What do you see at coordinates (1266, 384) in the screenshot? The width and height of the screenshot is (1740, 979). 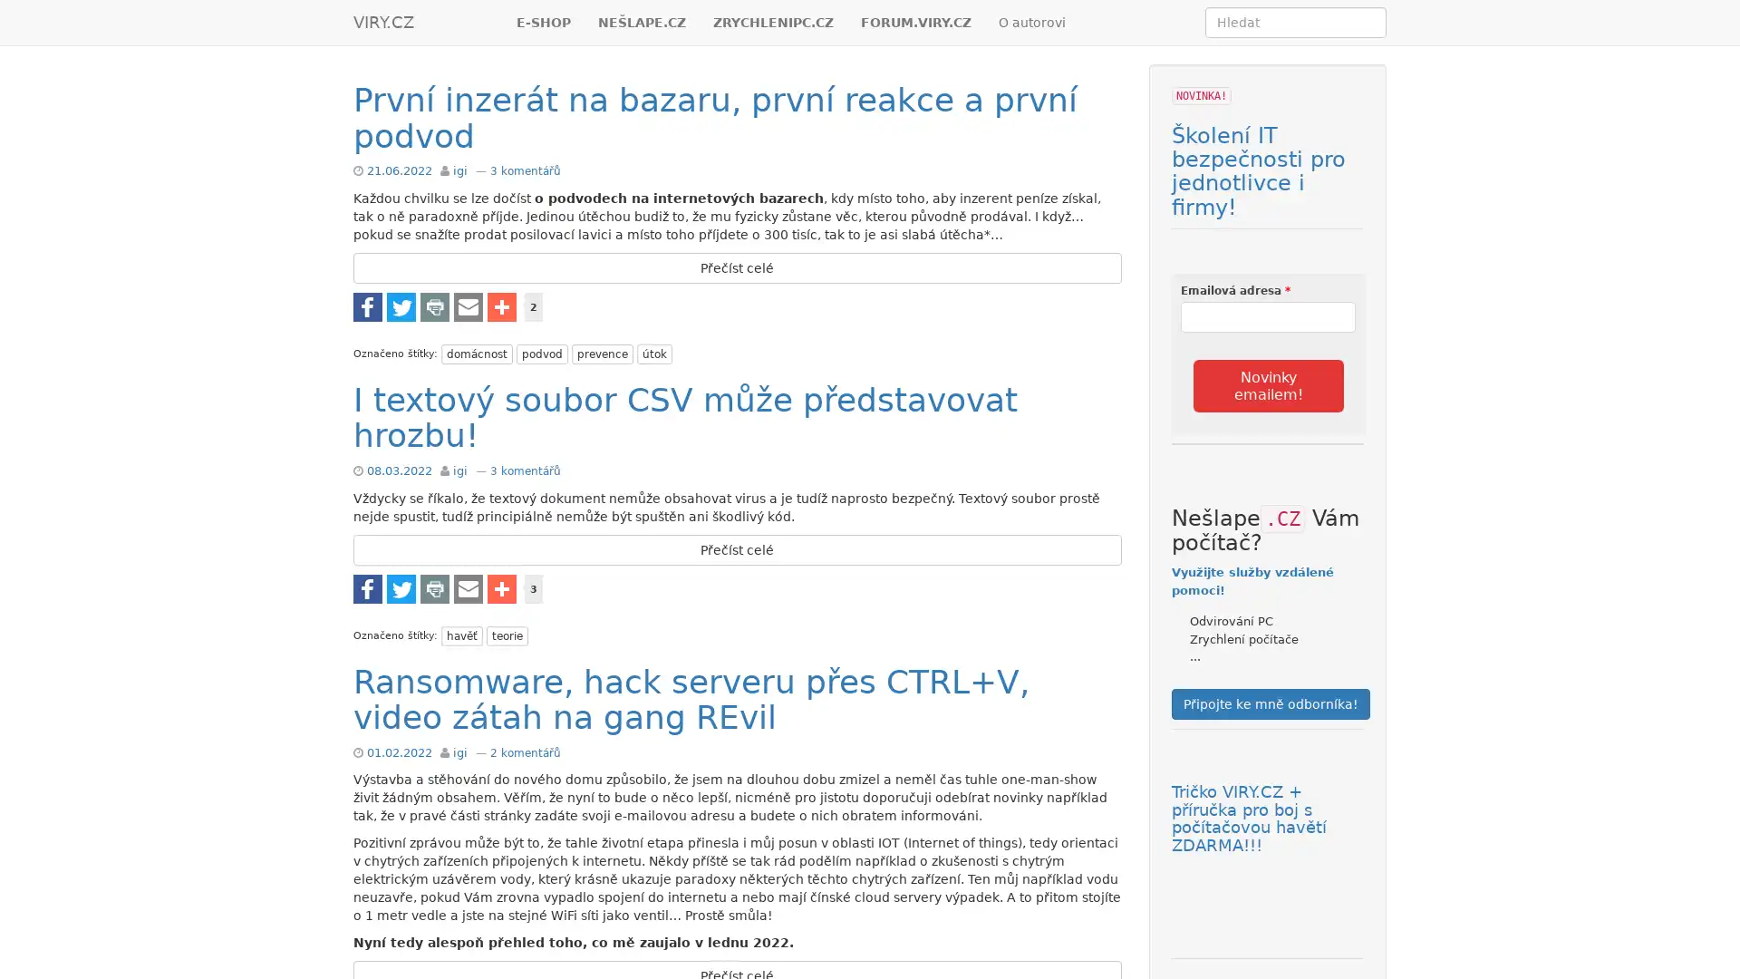 I see `Novinky emailem!` at bounding box center [1266, 384].